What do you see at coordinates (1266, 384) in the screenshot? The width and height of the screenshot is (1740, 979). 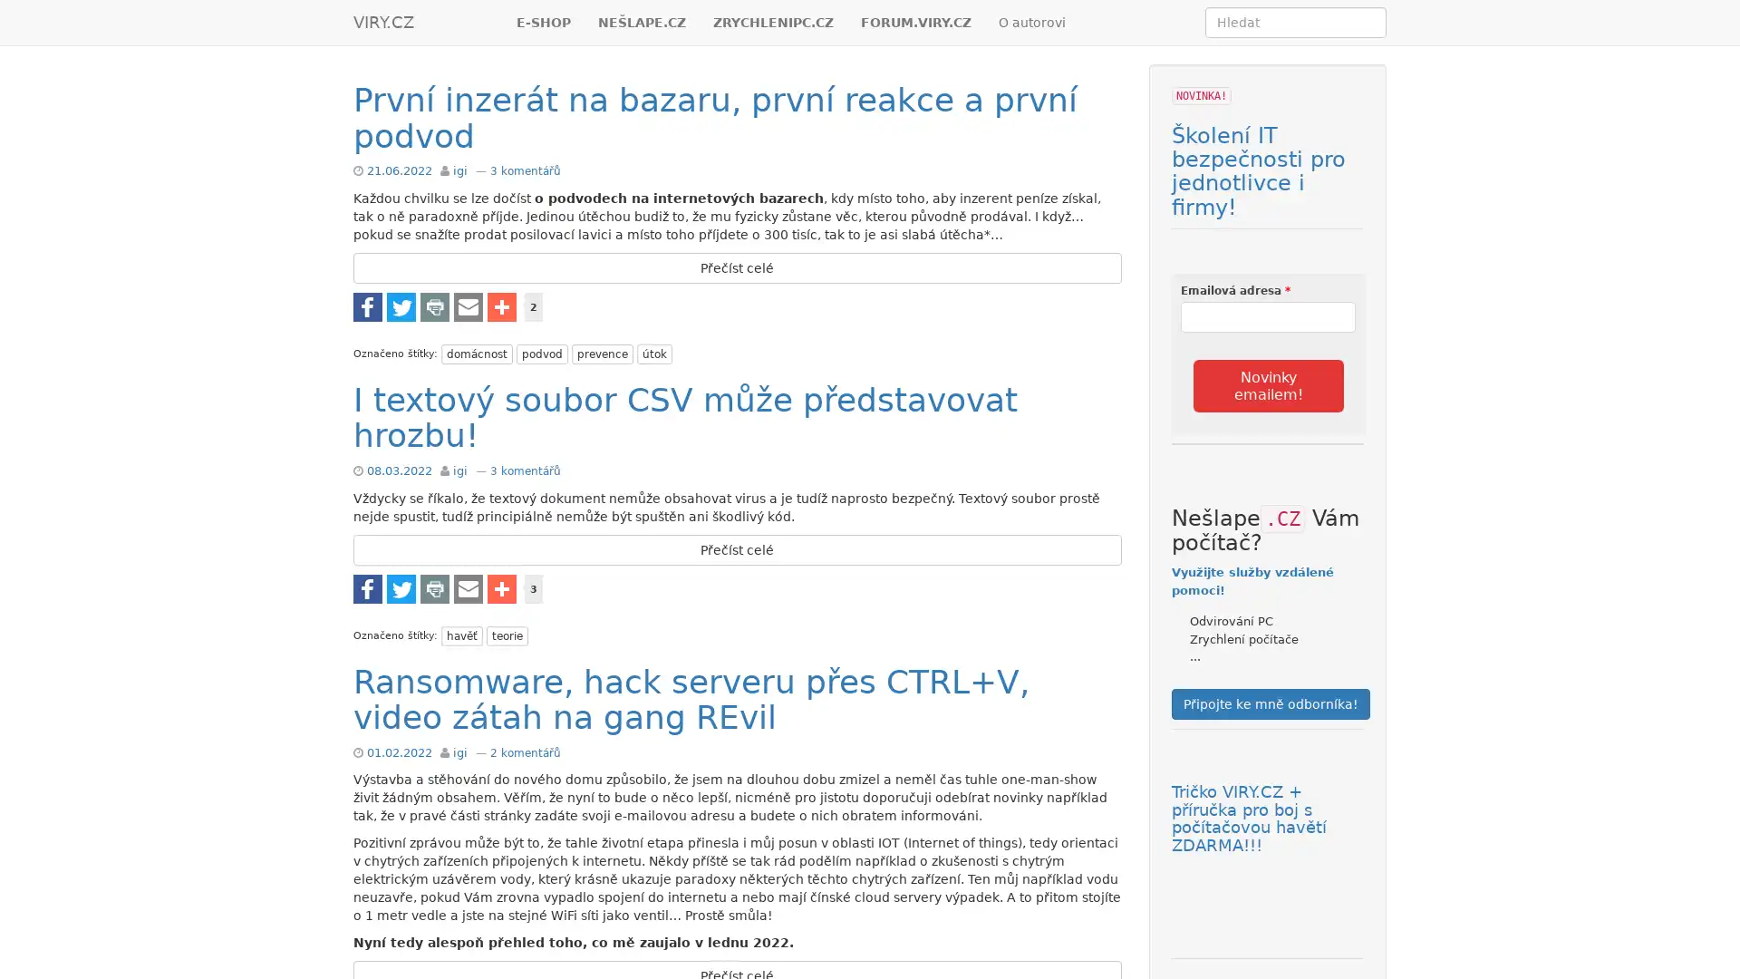 I see `Novinky emailem!` at bounding box center [1266, 384].